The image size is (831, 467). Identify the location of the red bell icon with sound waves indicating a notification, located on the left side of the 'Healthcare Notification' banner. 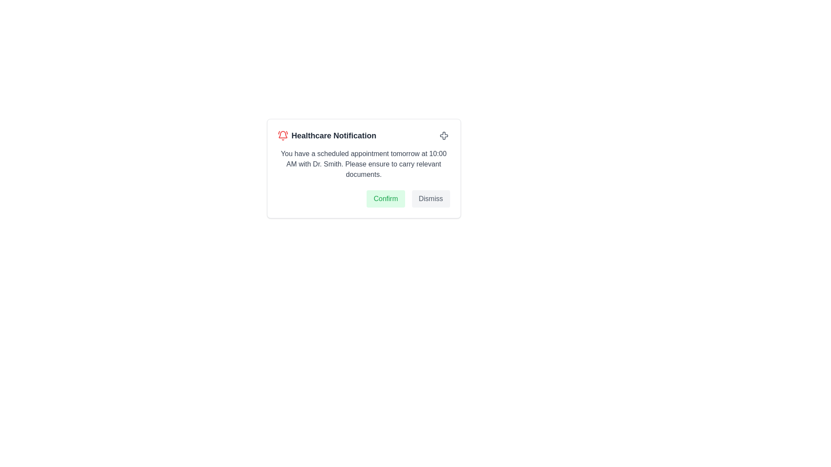
(283, 135).